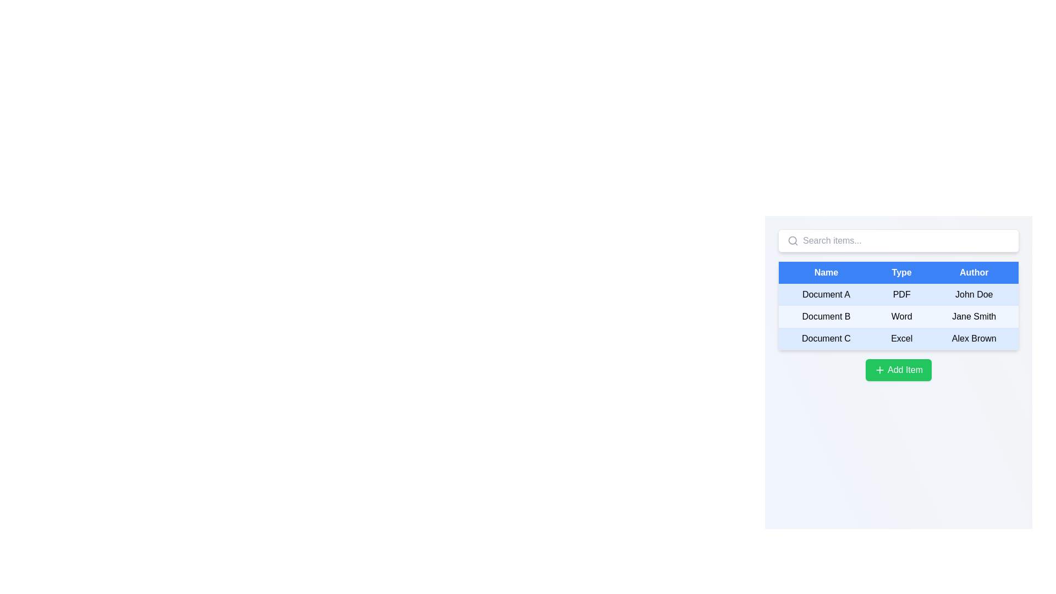 The image size is (1056, 594). What do you see at coordinates (901, 272) in the screenshot?
I see `the 'Type' header text label located in the middle of the row of three labels at the top of the table` at bounding box center [901, 272].